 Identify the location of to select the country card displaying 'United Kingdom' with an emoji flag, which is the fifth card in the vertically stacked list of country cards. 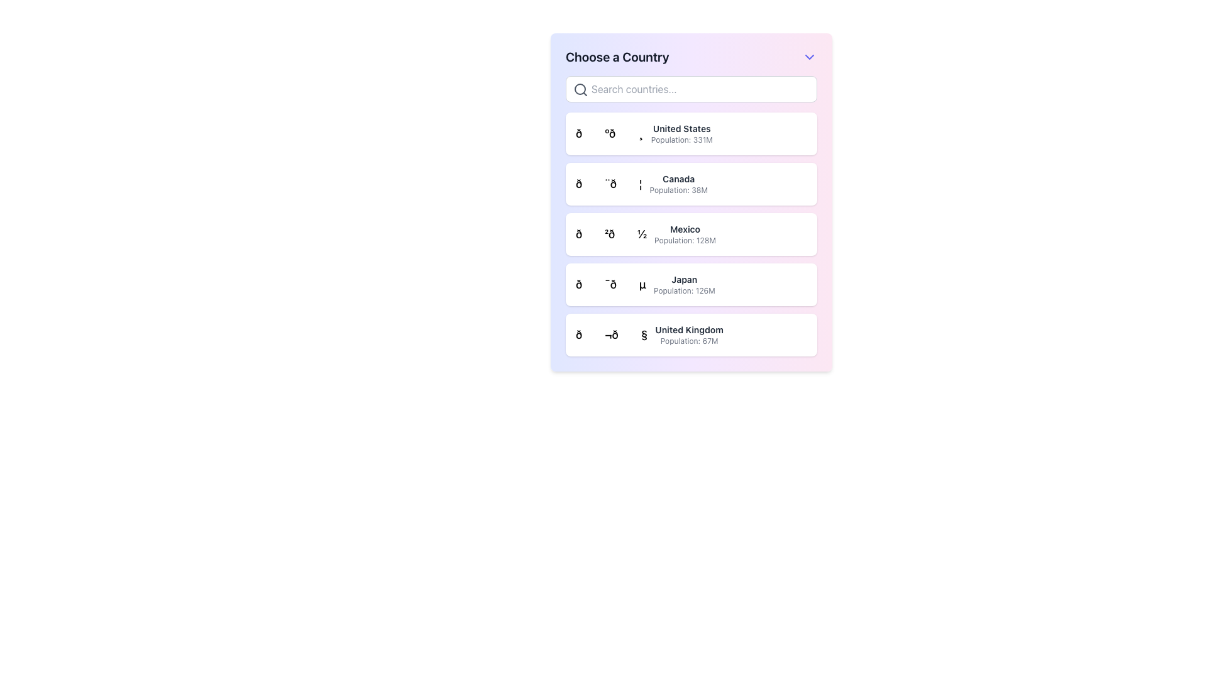
(690, 334).